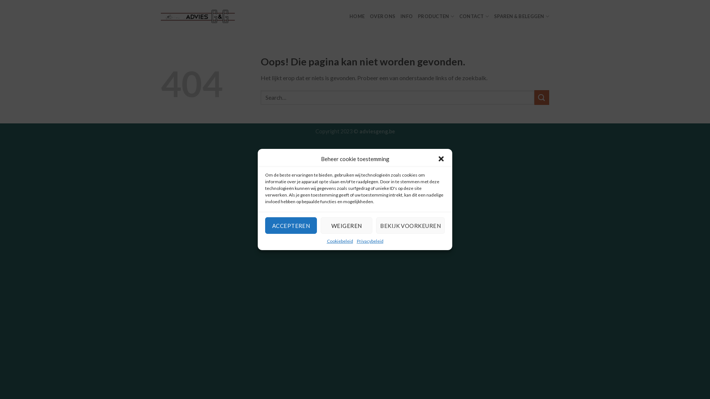 The width and height of the screenshot is (710, 399). Describe the element at coordinates (382, 16) in the screenshot. I see `'OVER ONS'` at that location.